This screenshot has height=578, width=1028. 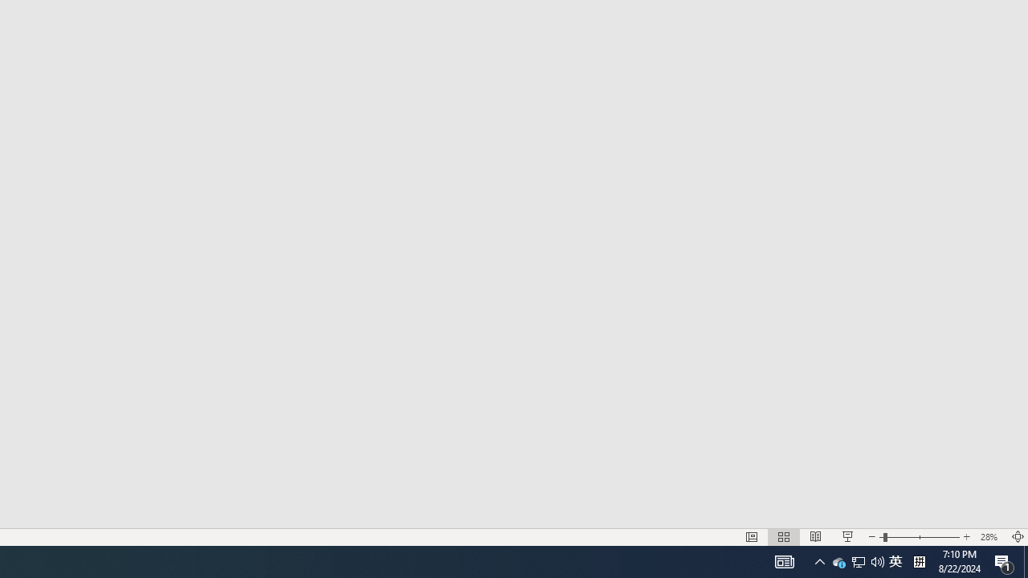 What do you see at coordinates (990, 537) in the screenshot?
I see `'Zoom 28%'` at bounding box center [990, 537].